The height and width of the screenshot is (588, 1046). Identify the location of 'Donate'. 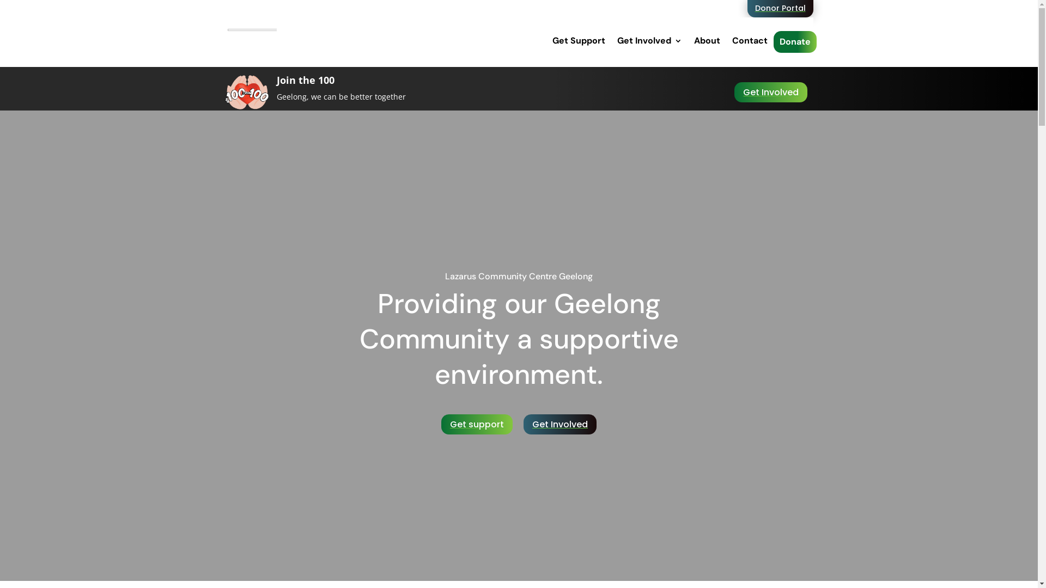
(794, 41).